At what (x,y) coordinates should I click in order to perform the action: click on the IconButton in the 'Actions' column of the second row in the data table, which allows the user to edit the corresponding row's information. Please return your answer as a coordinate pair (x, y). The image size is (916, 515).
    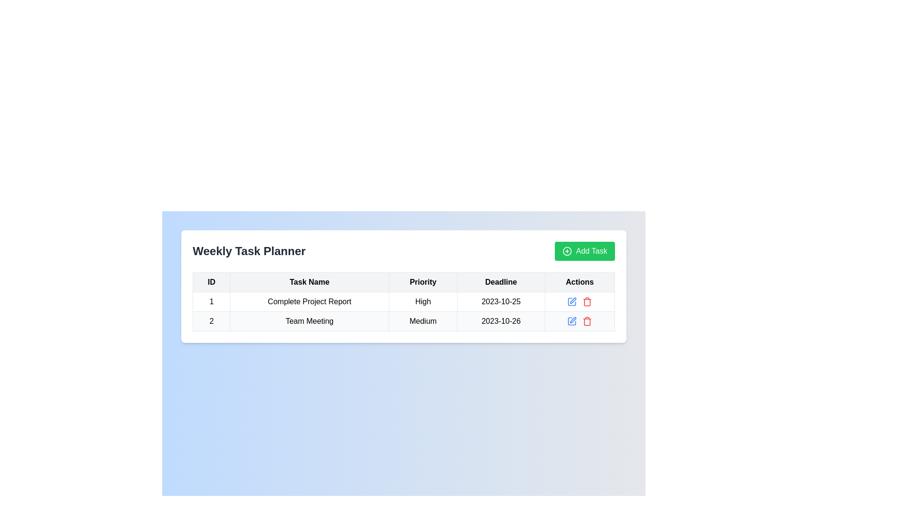
    Looking at the image, I should click on (572, 301).